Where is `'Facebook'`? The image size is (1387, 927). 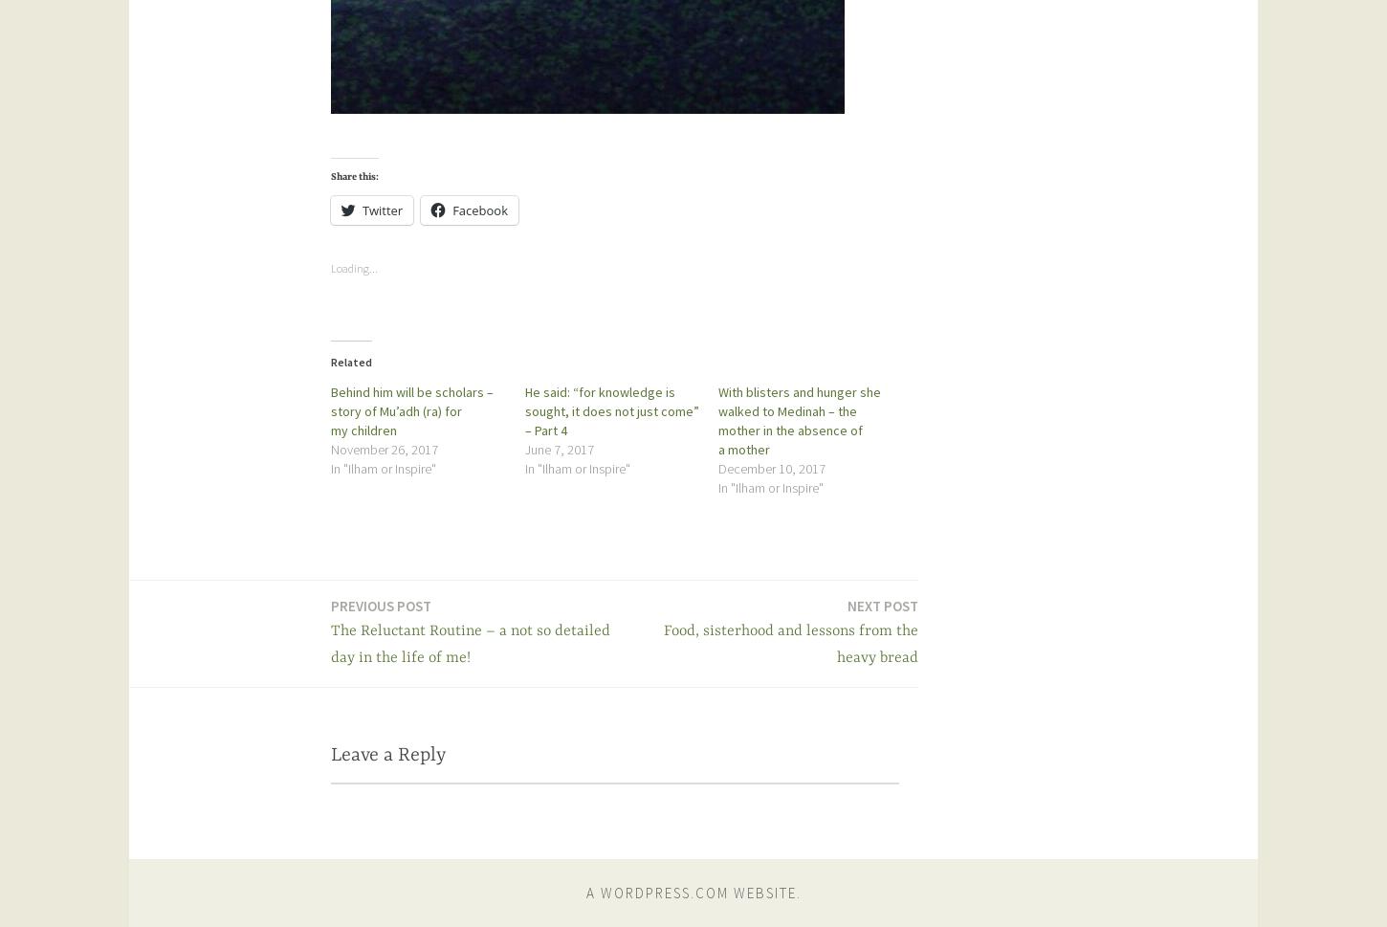
'Facebook' is located at coordinates (479, 209).